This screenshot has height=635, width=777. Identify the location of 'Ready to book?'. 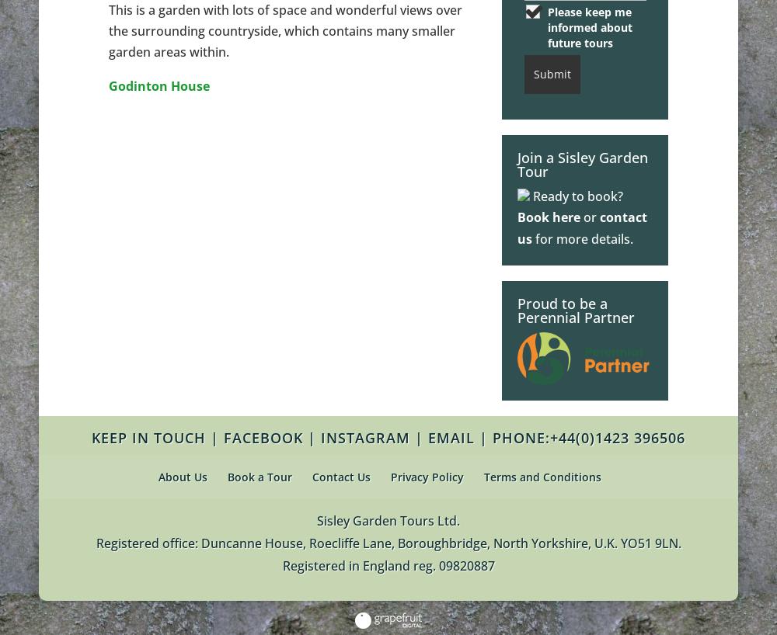
(576, 196).